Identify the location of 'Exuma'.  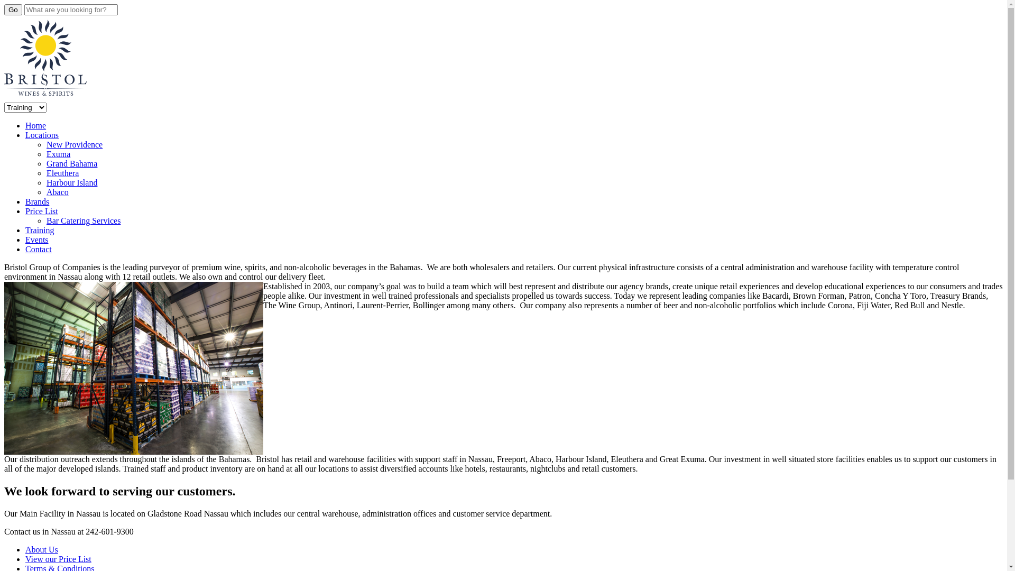
(58, 154).